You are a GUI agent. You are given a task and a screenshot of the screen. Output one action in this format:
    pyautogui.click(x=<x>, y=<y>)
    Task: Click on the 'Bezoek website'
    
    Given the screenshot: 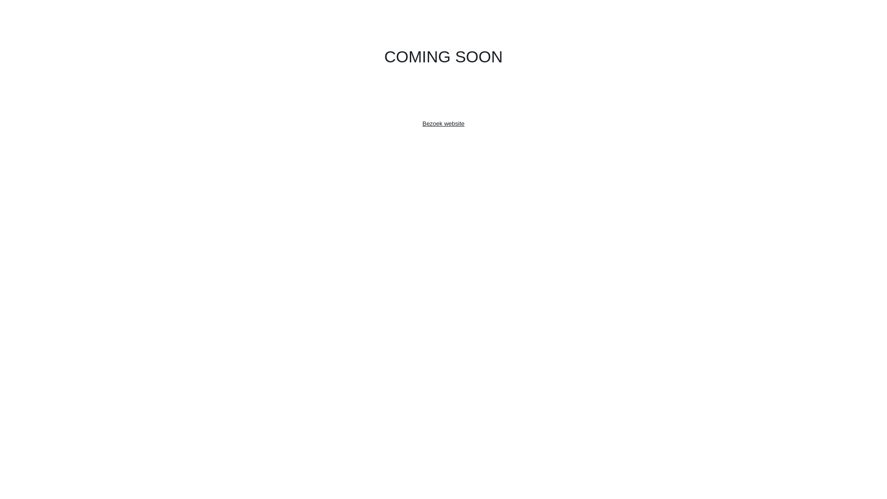 What is the action you would take?
    pyautogui.click(x=421, y=123)
    